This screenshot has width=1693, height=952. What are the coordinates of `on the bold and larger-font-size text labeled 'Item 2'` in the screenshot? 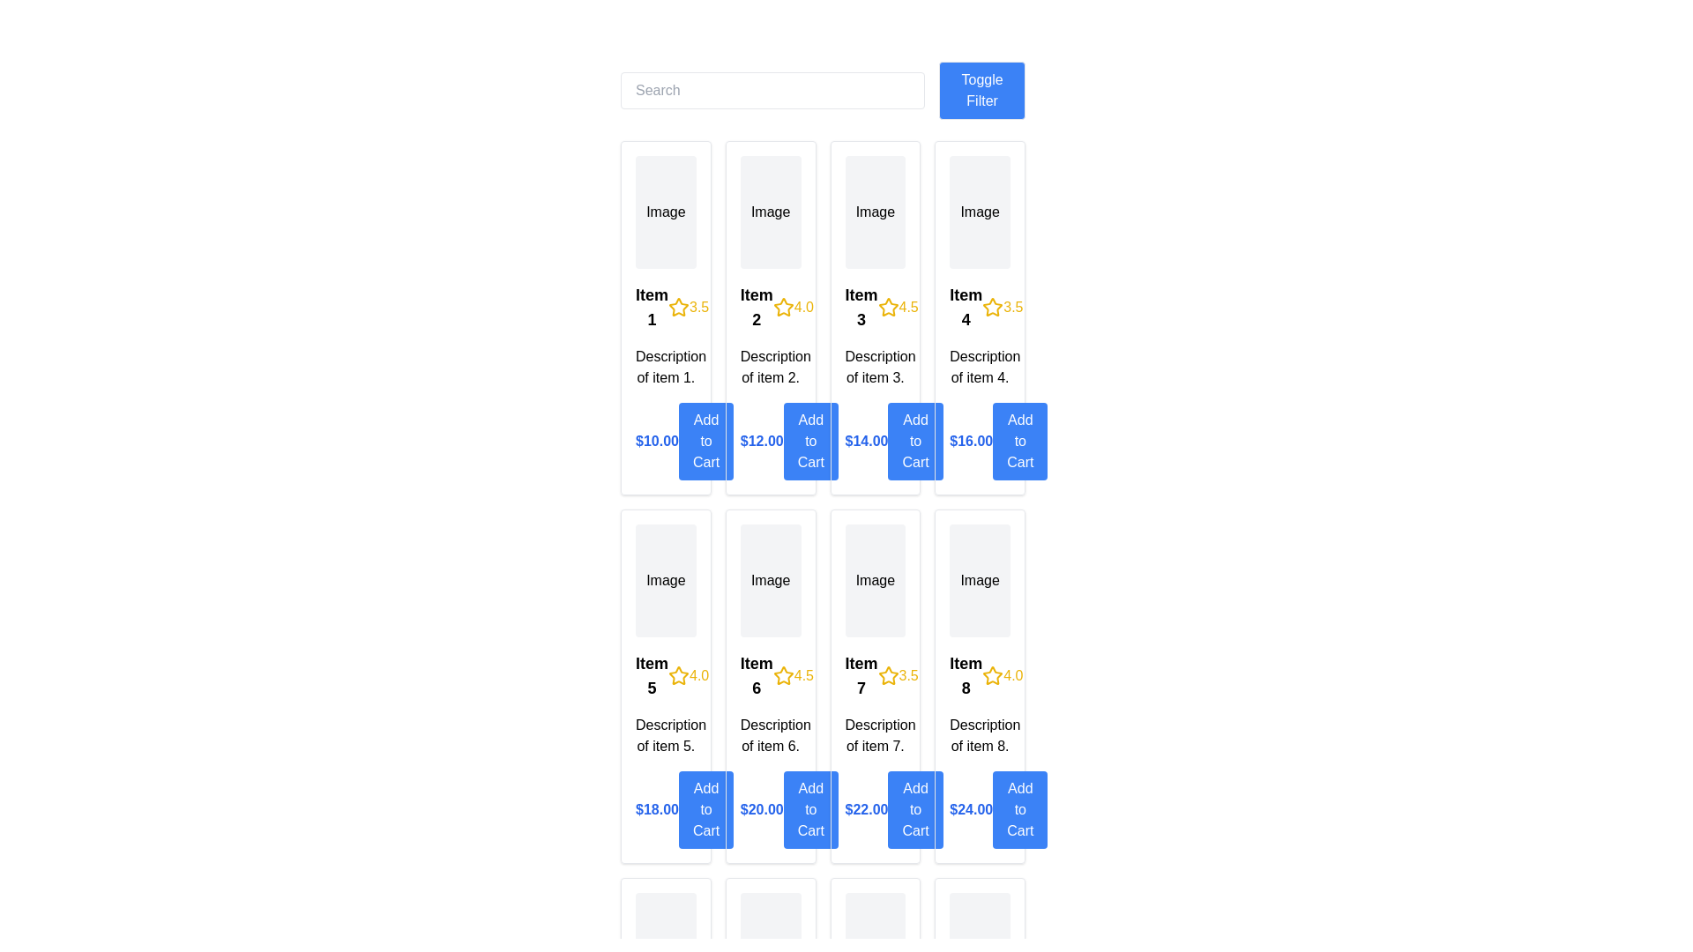 It's located at (757, 306).